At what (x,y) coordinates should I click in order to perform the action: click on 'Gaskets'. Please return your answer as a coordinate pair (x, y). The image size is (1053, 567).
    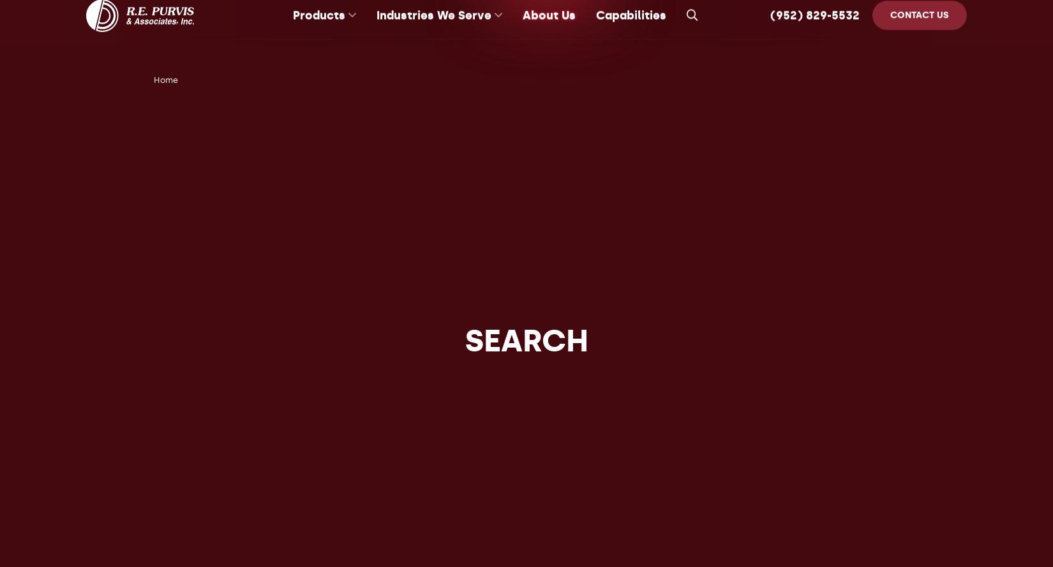
    Looking at the image, I should click on (292, 184).